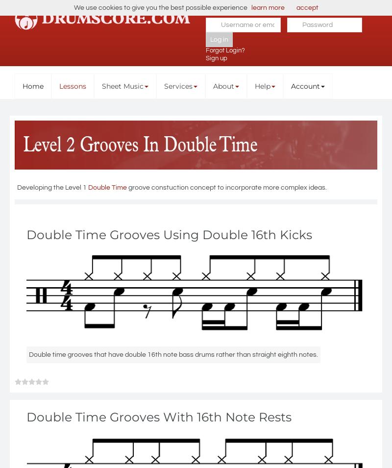  What do you see at coordinates (107, 187) in the screenshot?
I see `'Double Time'` at bounding box center [107, 187].